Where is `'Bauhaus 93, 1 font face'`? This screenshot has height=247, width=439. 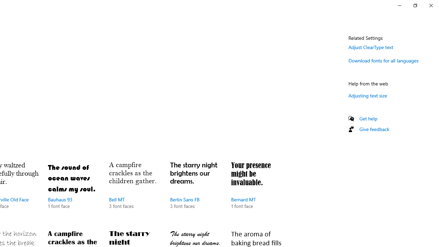
'Bauhaus 93, 1 font face' is located at coordinates (74, 192).